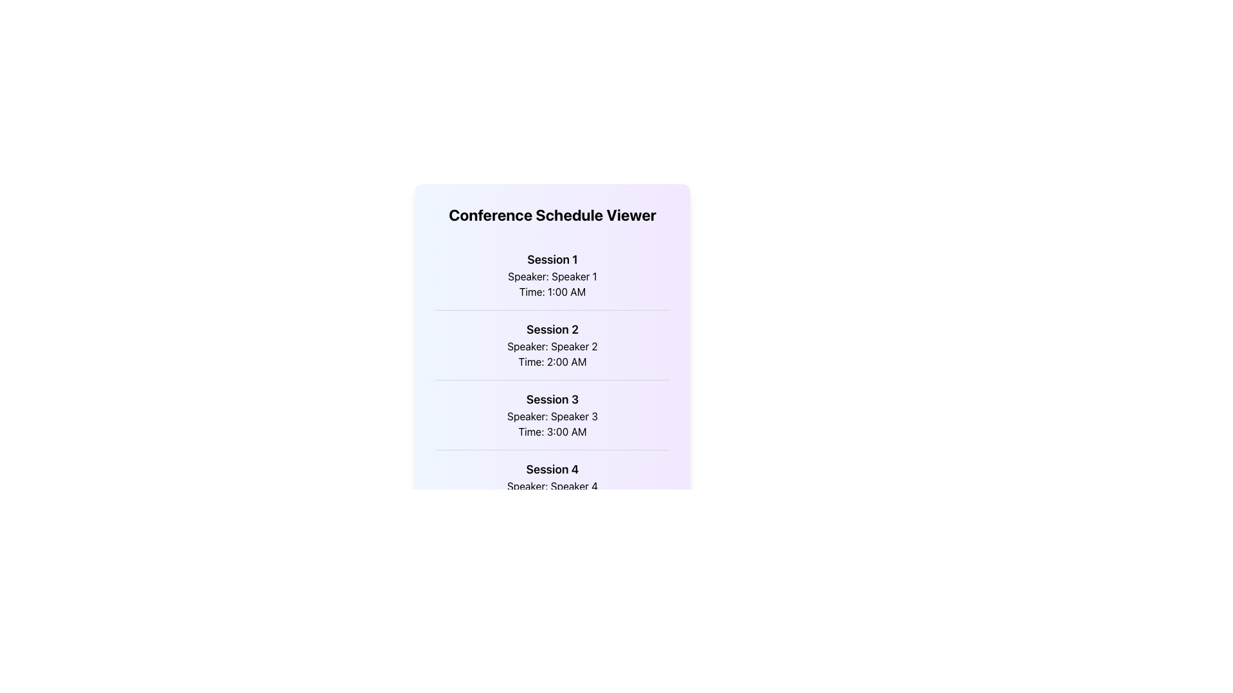 Image resolution: width=1233 pixels, height=693 pixels. Describe the element at coordinates (552, 431) in the screenshot. I see `the static text label displaying 'Time: 3:00 AM' located within the 'Session 3' entry of the schedule viewer` at that location.